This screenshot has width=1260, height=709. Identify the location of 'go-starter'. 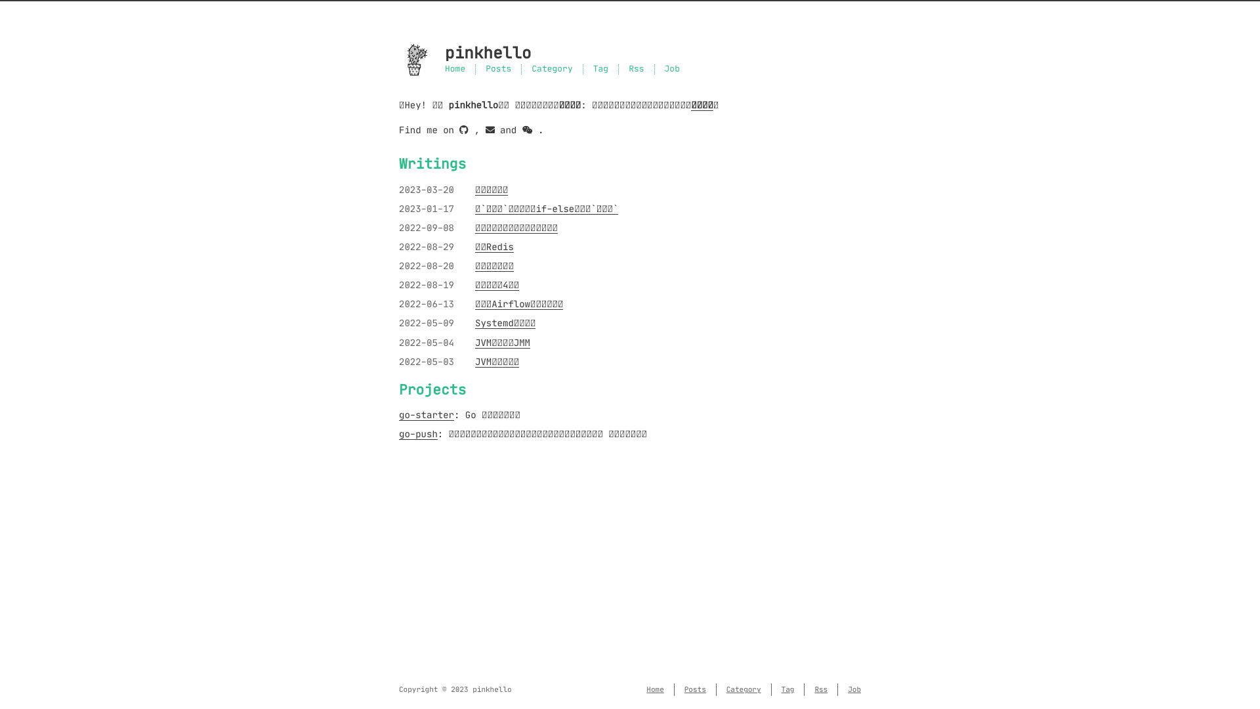
(426, 415).